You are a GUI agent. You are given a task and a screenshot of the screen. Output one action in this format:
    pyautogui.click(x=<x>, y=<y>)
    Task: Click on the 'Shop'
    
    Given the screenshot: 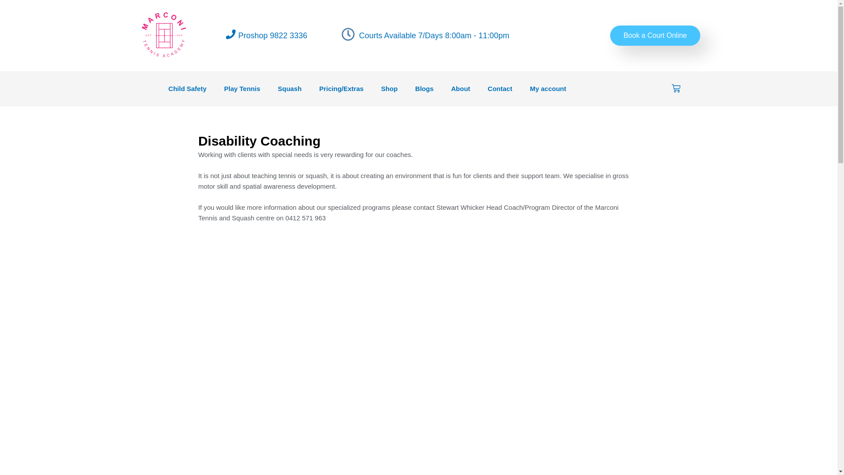 What is the action you would take?
    pyautogui.click(x=389, y=88)
    